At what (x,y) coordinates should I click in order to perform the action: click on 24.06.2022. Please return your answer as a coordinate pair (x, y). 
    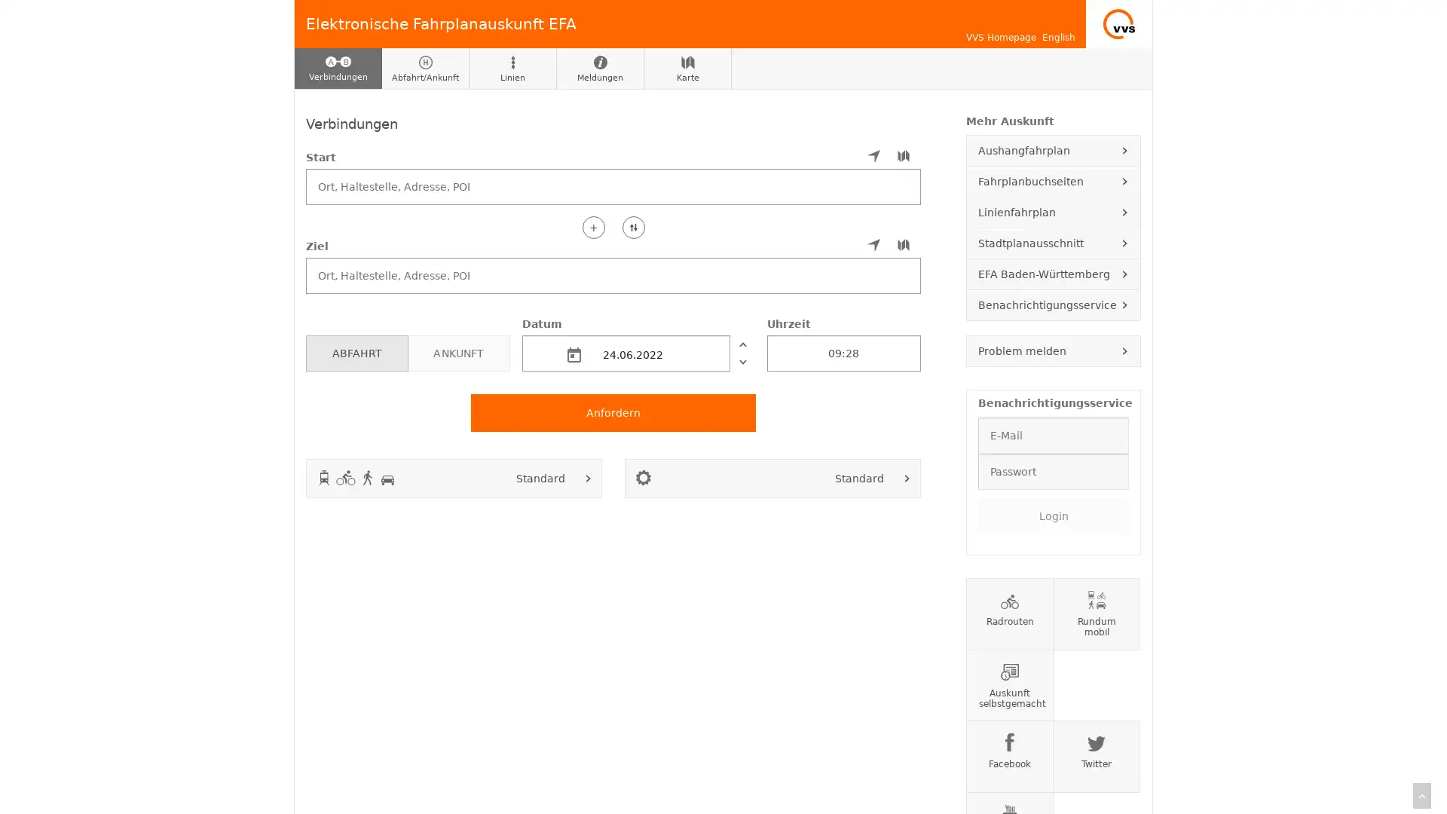
    Looking at the image, I should click on (626, 352).